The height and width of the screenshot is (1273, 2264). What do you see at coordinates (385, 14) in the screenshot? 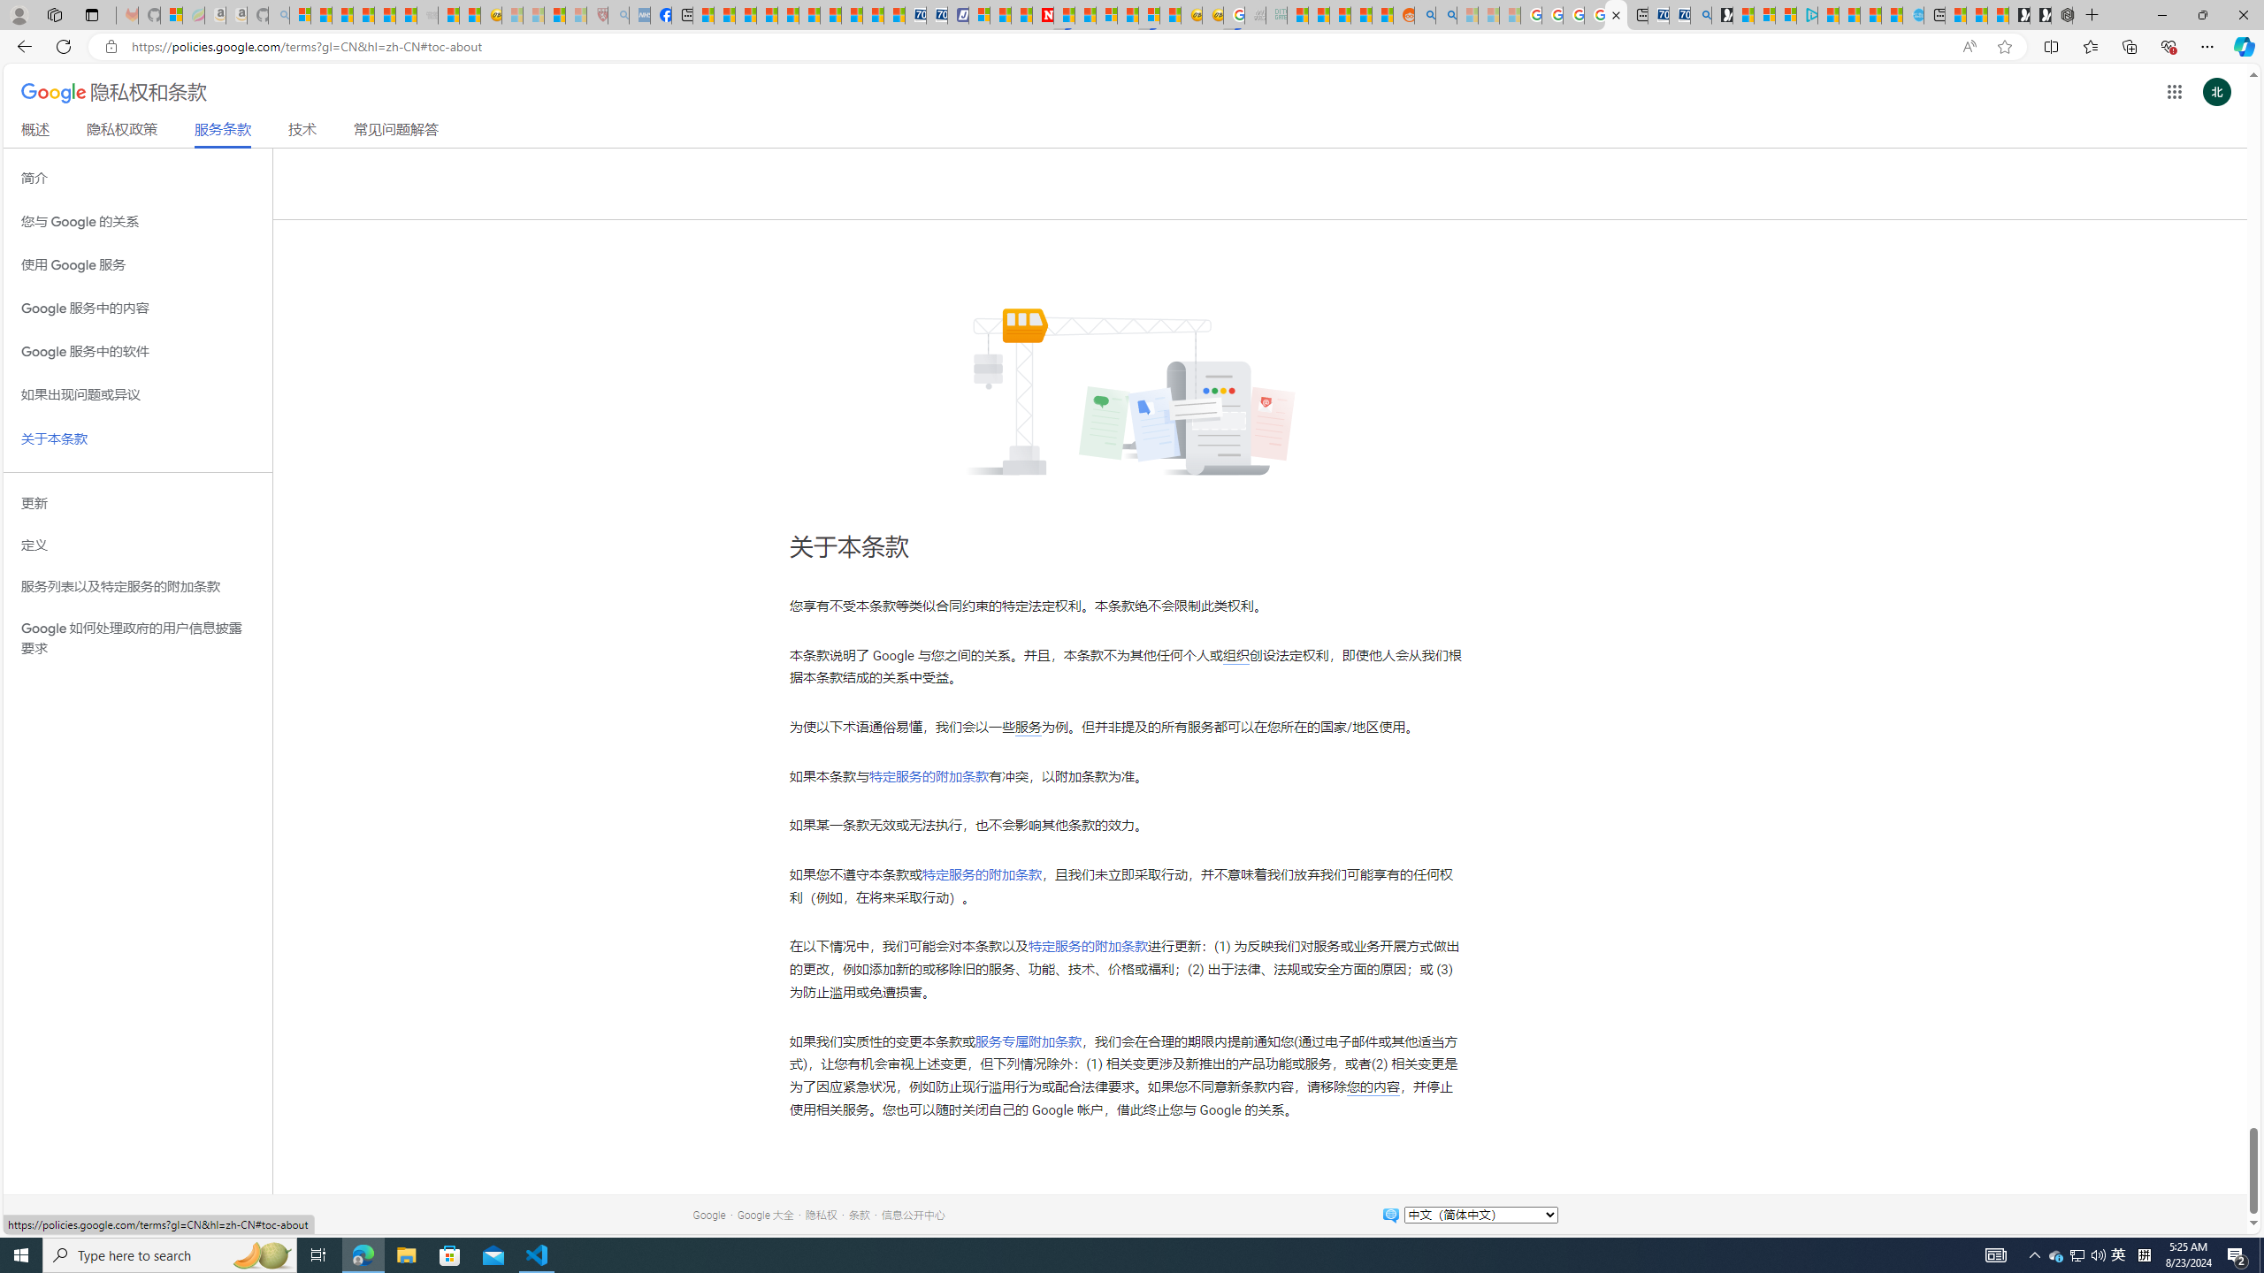
I see `'New Report Confirms 2023 Was Record Hot | Watch'` at bounding box center [385, 14].